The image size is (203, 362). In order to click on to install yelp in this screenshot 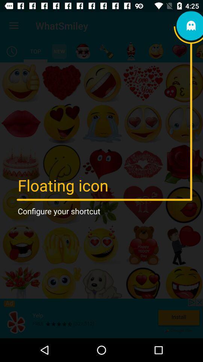, I will do `click(101, 318)`.